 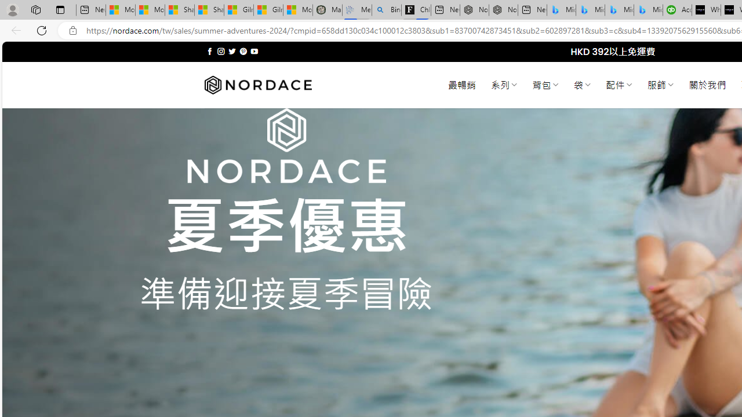 I want to click on 'Follow on Twitter', so click(x=232, y=51).